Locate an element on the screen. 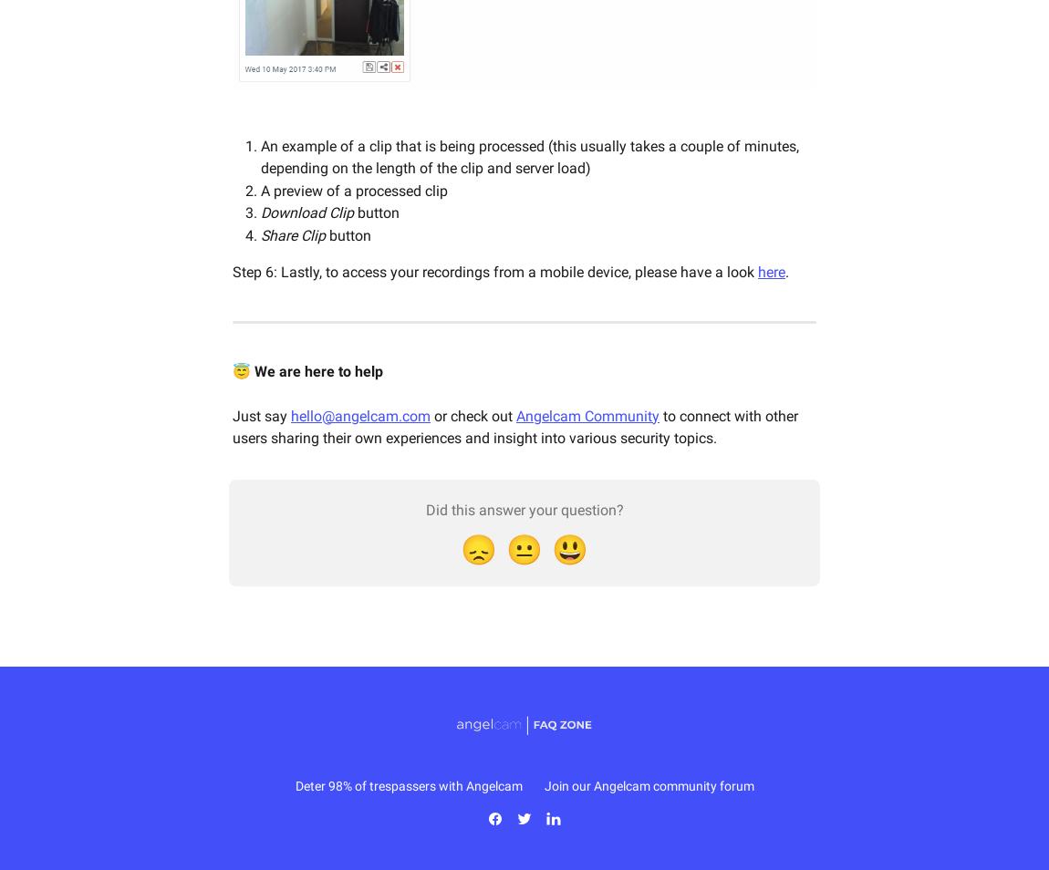  'hello@angelcam.com' is located at coordinates (360, 415).